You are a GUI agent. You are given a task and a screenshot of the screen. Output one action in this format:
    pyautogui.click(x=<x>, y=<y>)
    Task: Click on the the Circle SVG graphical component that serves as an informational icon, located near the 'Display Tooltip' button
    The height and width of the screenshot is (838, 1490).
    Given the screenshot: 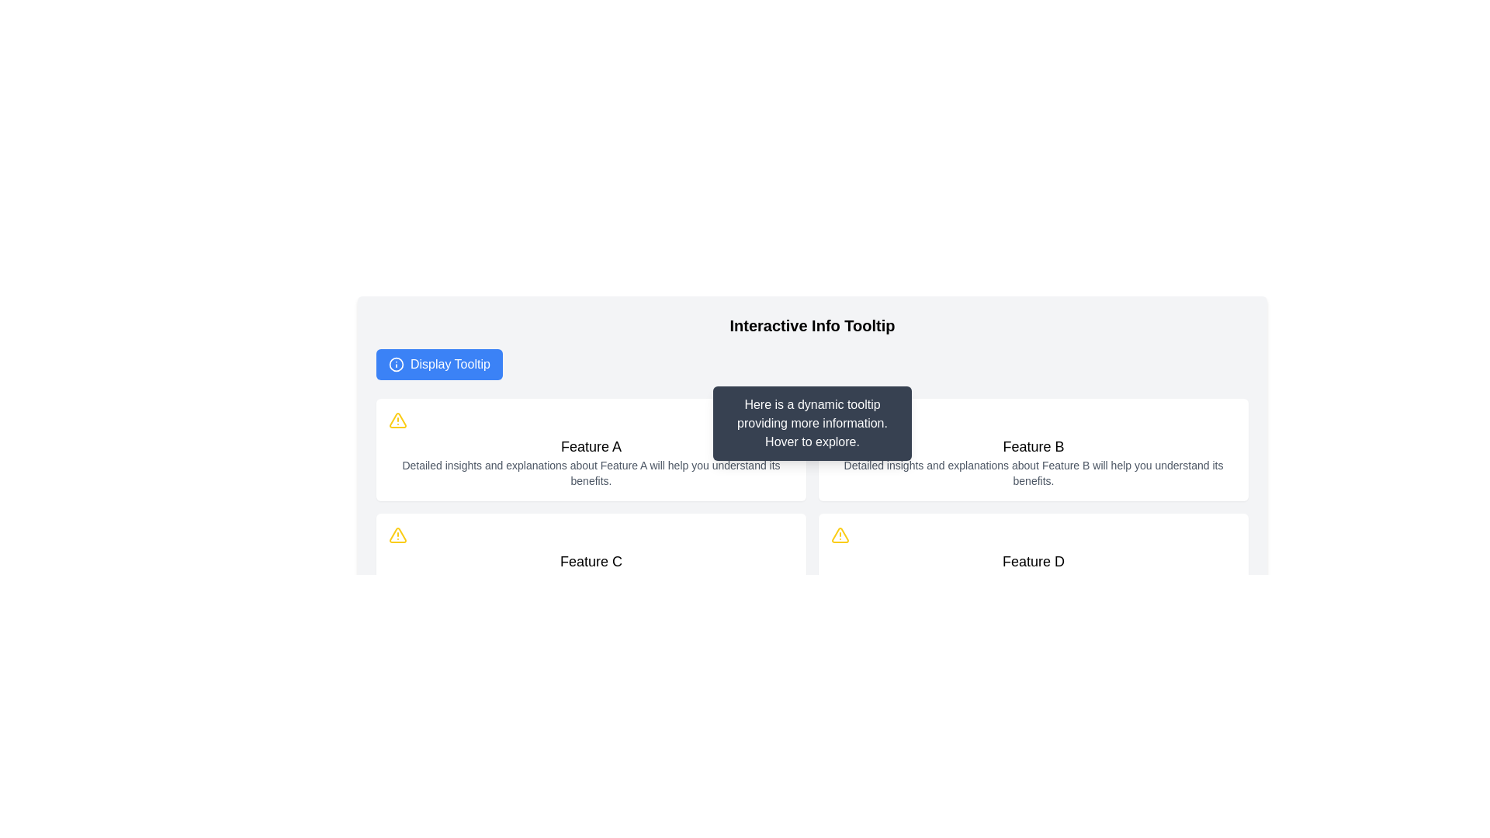 What is the action you would take?
    pyautogui.click(x=396, y=365)
    